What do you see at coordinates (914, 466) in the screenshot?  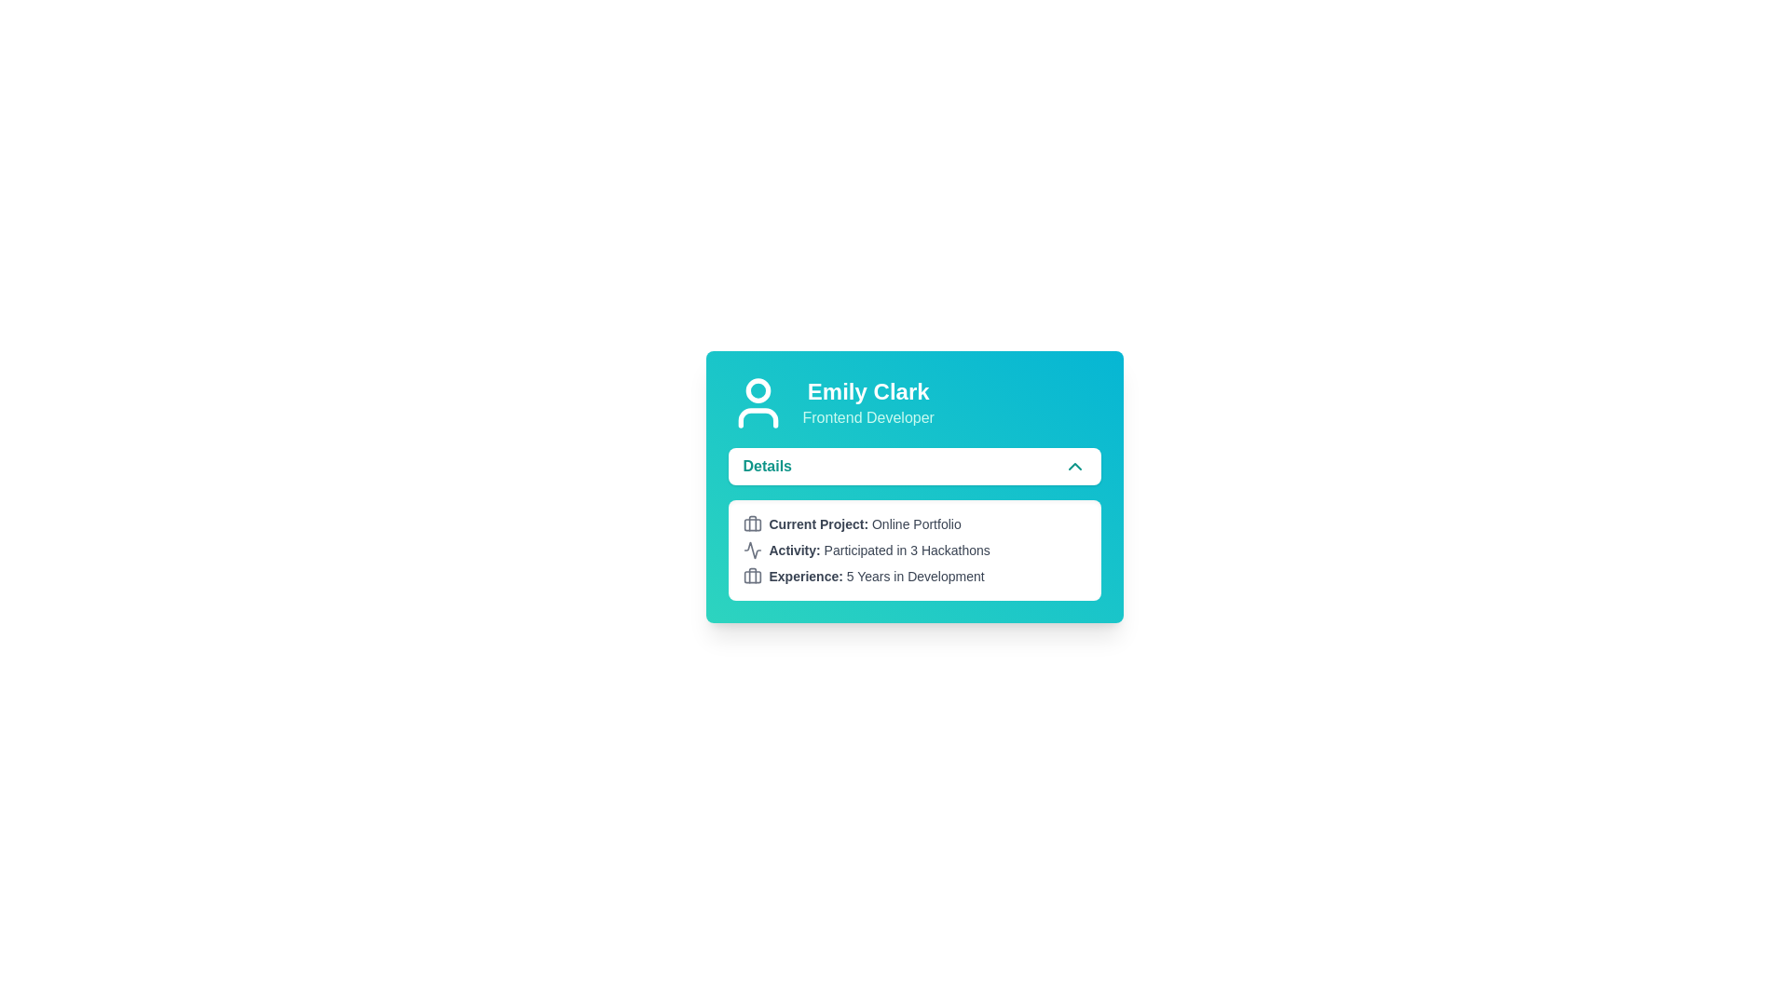 I see `the toggle button located centrally within the card UI component` at bounding box center [914, 466].